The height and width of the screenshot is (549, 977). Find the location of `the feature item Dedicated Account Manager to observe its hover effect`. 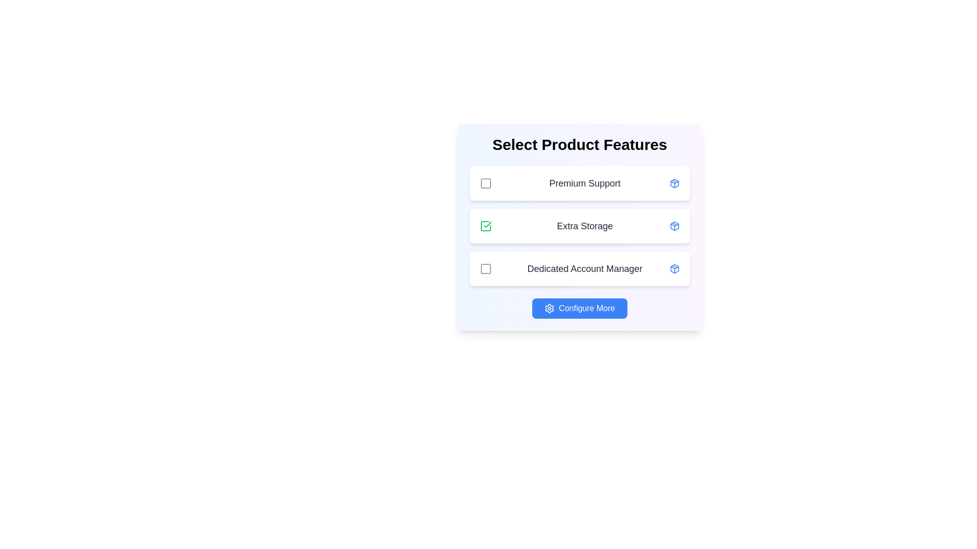

the feature item Dedicated Account Manager to observe its hover effect is located at coordinates (580, 268).